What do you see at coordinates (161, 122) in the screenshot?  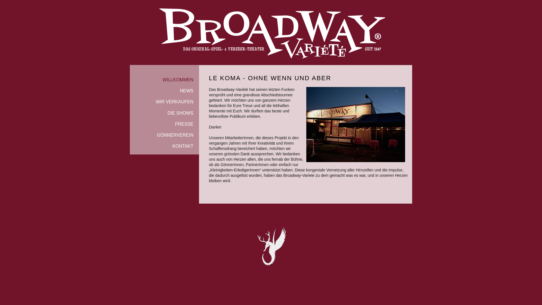 I see `'PRESSE'` at bounding box center [161, 122].